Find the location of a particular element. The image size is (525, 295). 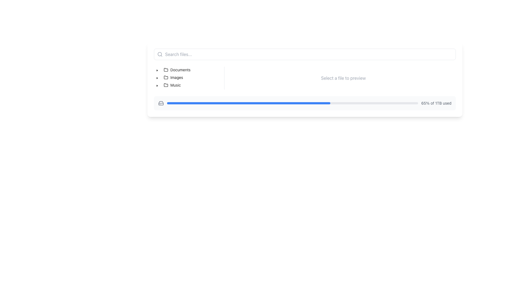

the Expander toggle is located at coordinates (157, 69).